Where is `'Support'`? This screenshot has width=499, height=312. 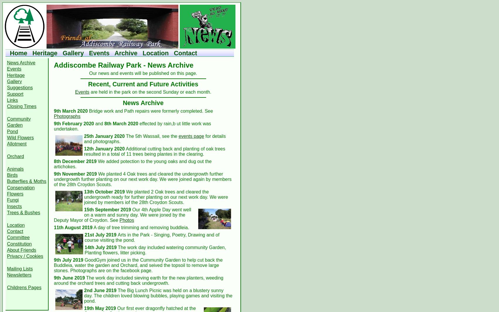
'Support' is located at coordinates (7, 94).